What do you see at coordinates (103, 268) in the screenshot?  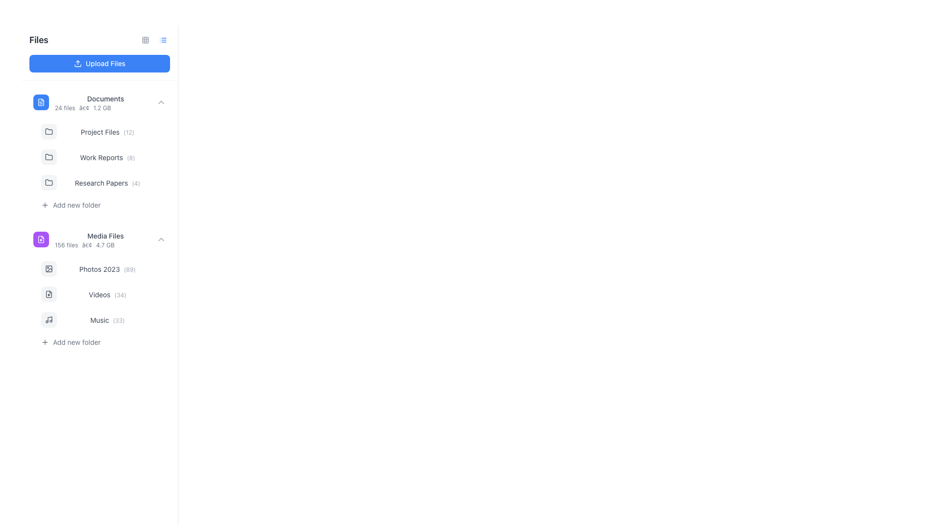 I see `the first Navigation List Item in the 'Media Files' section that links to 'Photos 2023'` at bounding box center [103, 268].